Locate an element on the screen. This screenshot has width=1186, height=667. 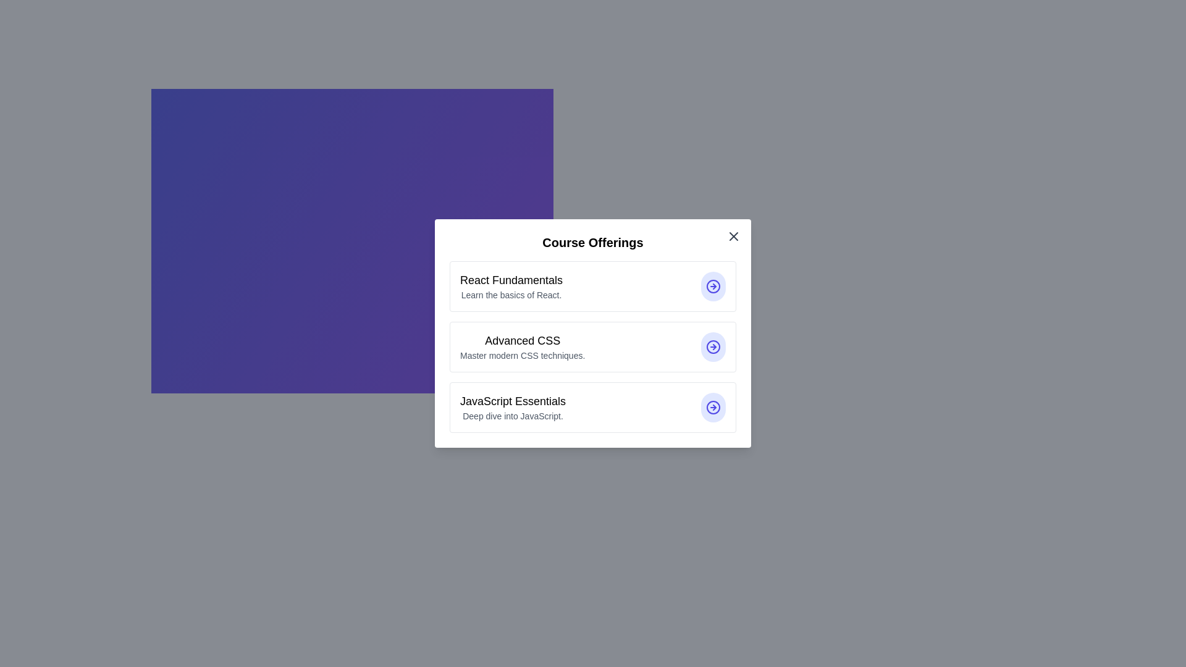
the Text element presenting the title and subtitle for the 'JavaScript Essentials' course, which is located below the 'Advanced CSS' course entry in the vertical list of course options is located at coordinates (513, 407).